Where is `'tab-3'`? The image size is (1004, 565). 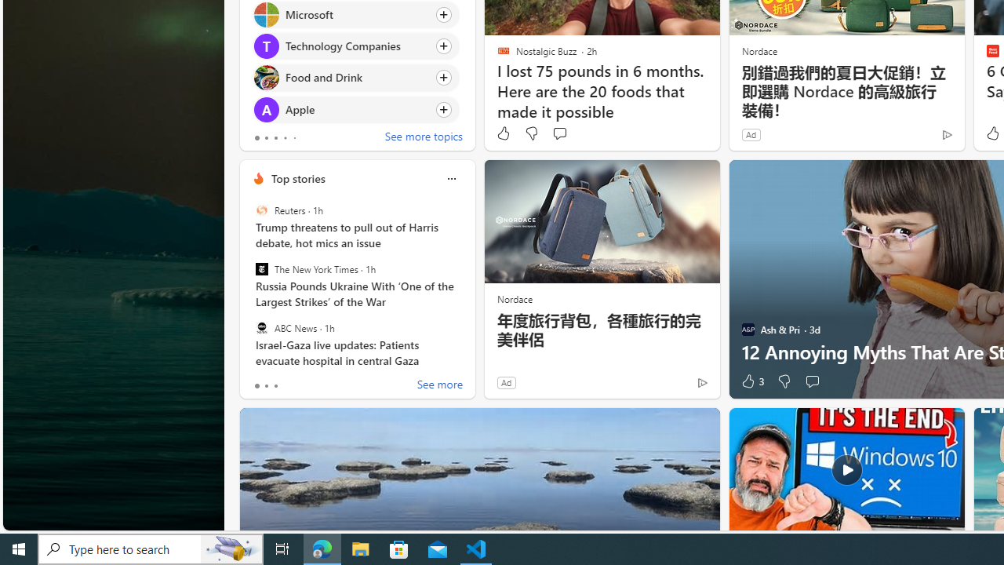 'tab-3' is located at coordinates (285, 137).